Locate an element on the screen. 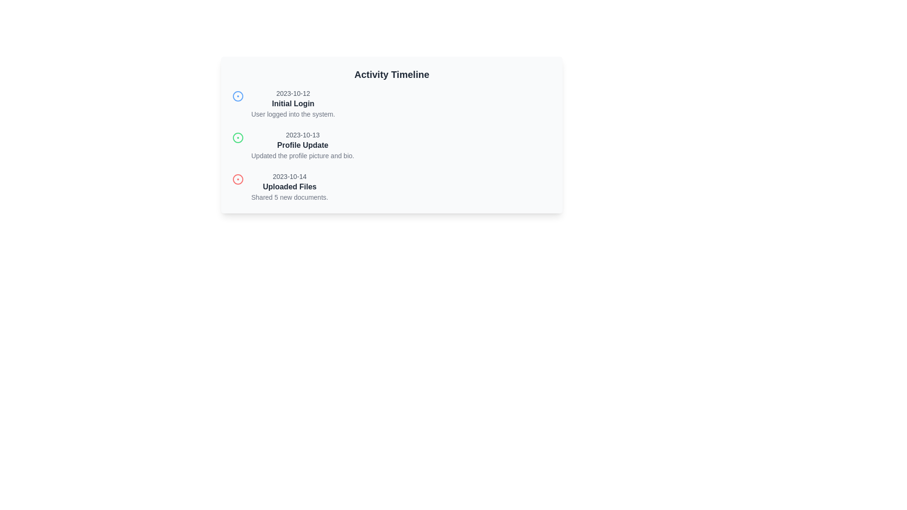  the heading text for the 'Profile Update' activity log item located in the activity timeline panel under the '2023-10-13' date entry is located at coordinates (302, 145).